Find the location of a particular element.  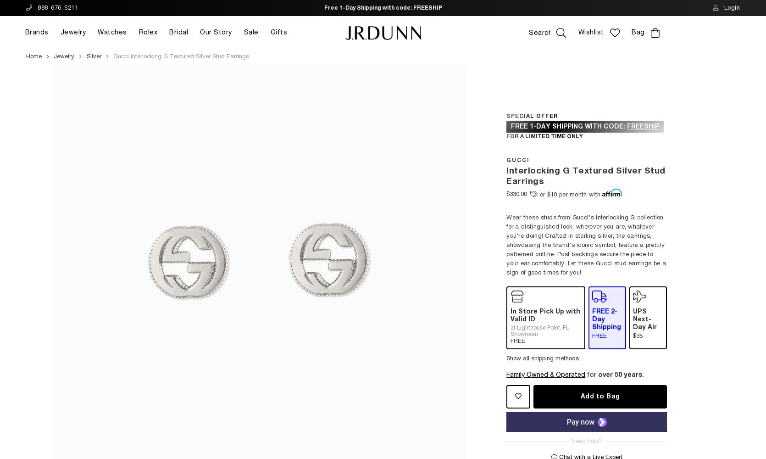

'Rolex' is located at coordinates (147, 32).